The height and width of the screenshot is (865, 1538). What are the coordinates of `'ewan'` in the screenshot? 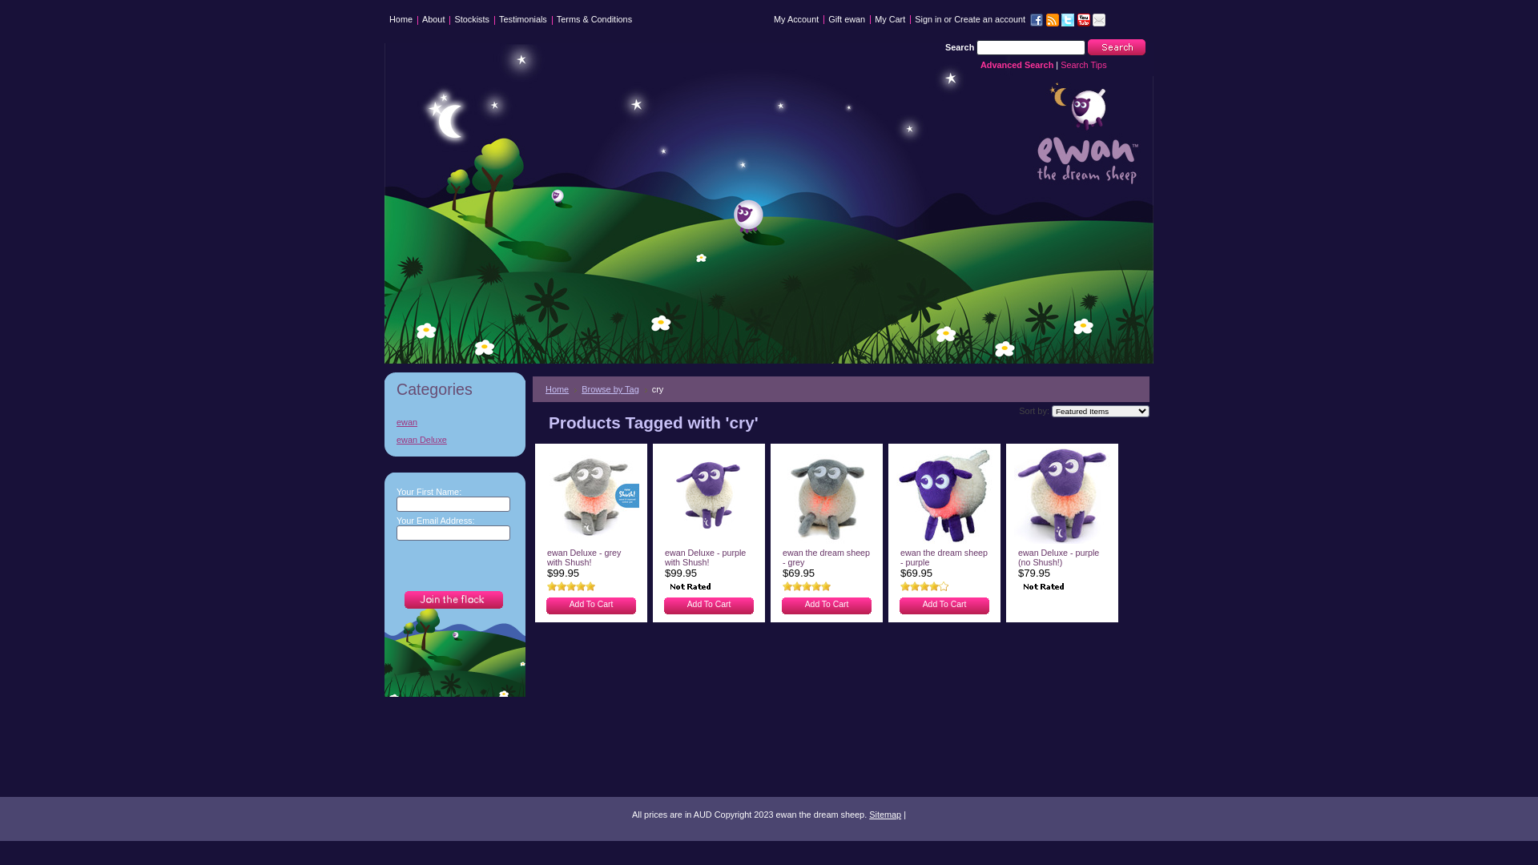 It's located at (405, 421).